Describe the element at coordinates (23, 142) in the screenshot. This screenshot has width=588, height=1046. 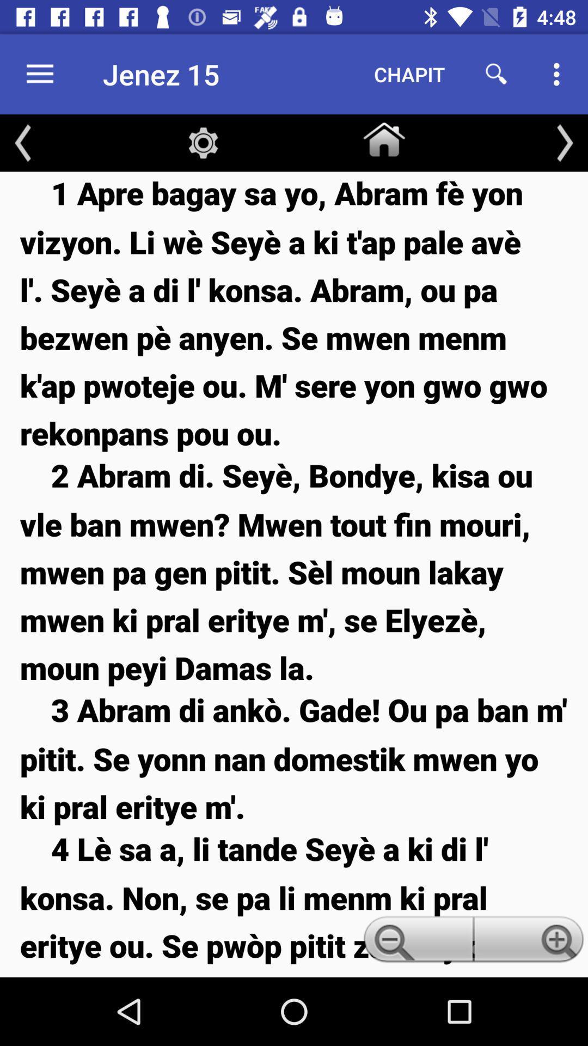
I see `the arrow_backward icon` at that location.